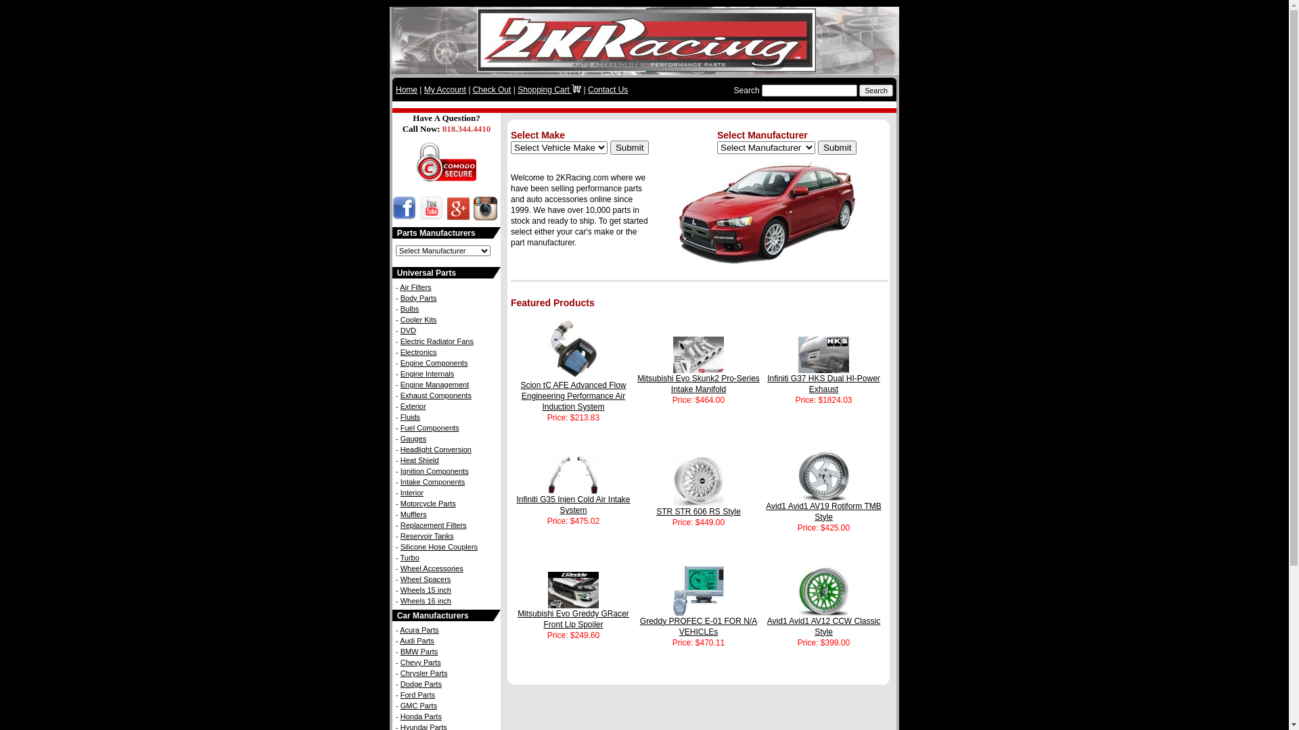 The height and width of the screenshot is (730, 1299). What do you see at coordinates (425, 600) in the screenshot?
I see `'Wheels 16 inch'` at bounding box center [425, 600].